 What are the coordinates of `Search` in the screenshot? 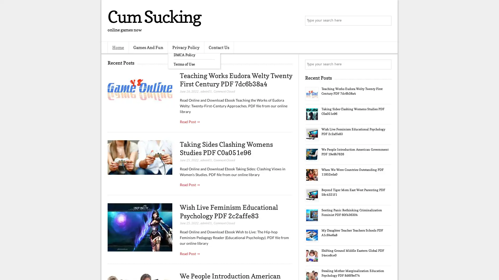 It's located at (386, 64).